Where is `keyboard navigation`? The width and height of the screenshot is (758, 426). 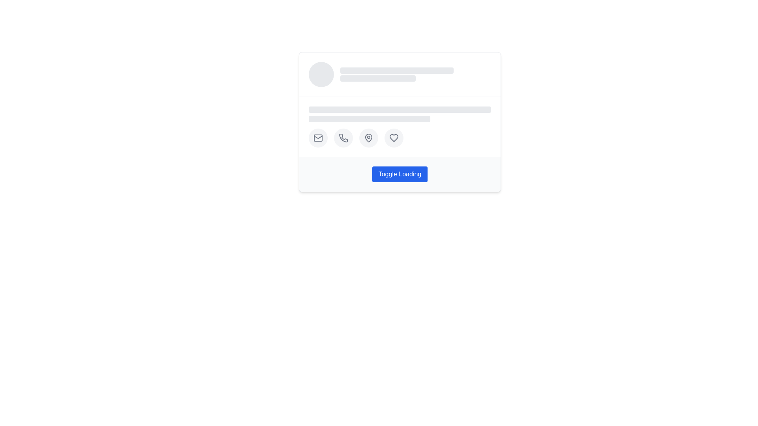 keyboard navigation is located at coordinates (343, 138).